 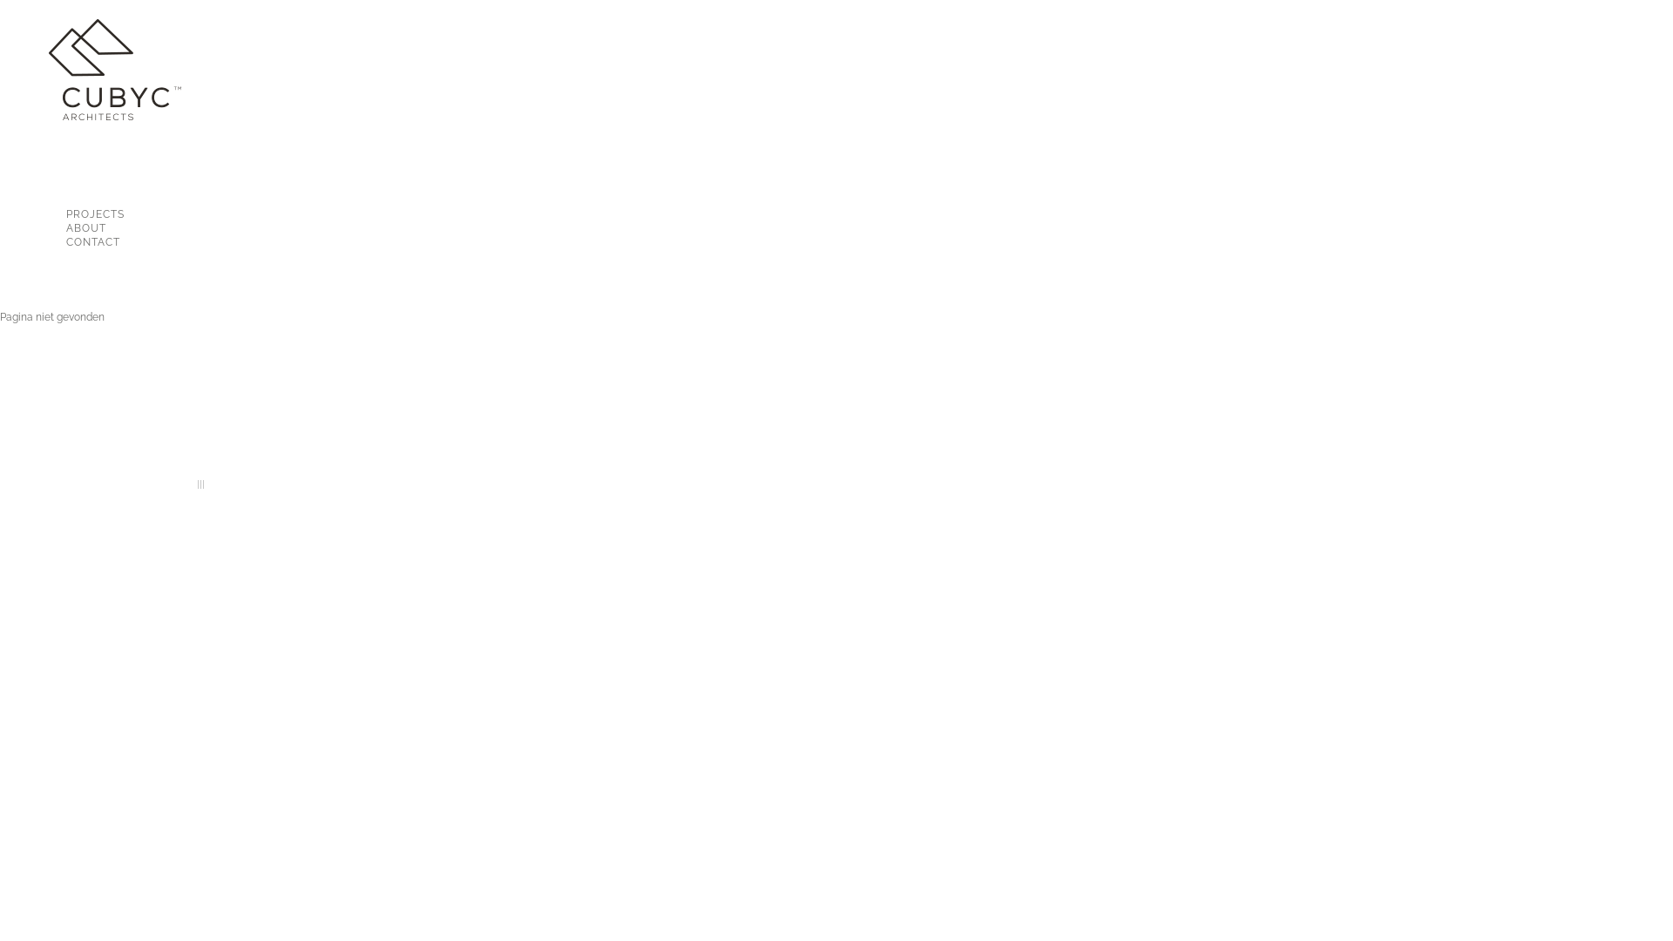 What do you see at coordinates (111, 213) in the screenshot?
I see `'PROJECTS'` at bounding box center [111, 213].